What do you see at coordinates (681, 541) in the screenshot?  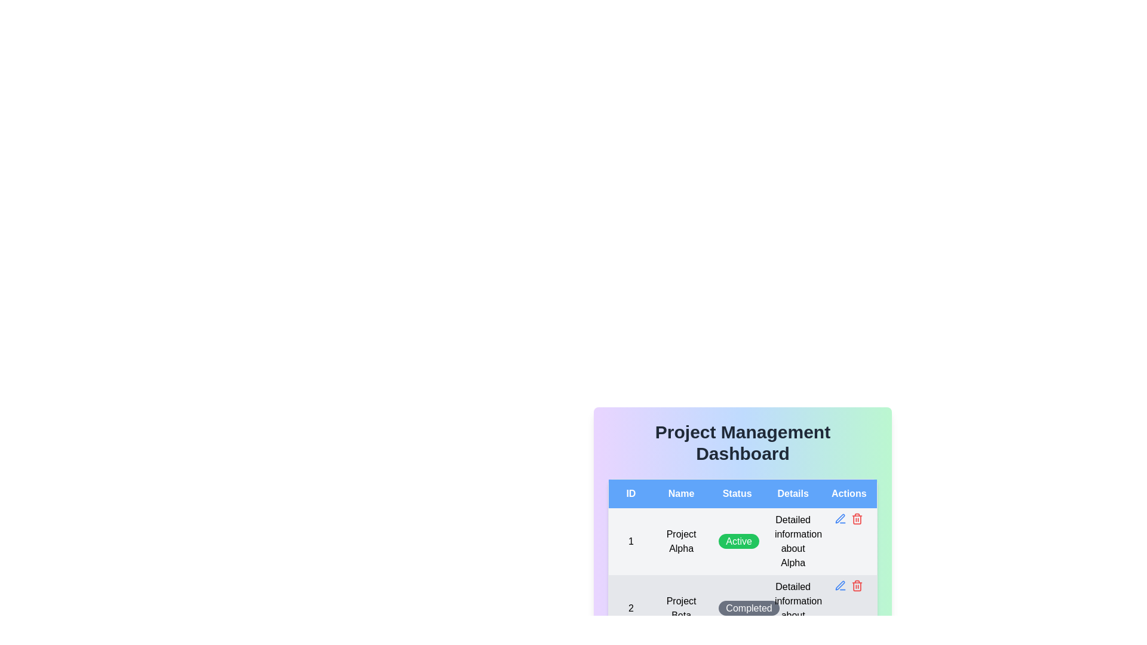 I see `the text label displaying 'Project Alpha', which is located in the second column of the first row of the table, to the right of the 'ID' cell and to the left of the 'Status' cell` at bounding box center [681, 541].